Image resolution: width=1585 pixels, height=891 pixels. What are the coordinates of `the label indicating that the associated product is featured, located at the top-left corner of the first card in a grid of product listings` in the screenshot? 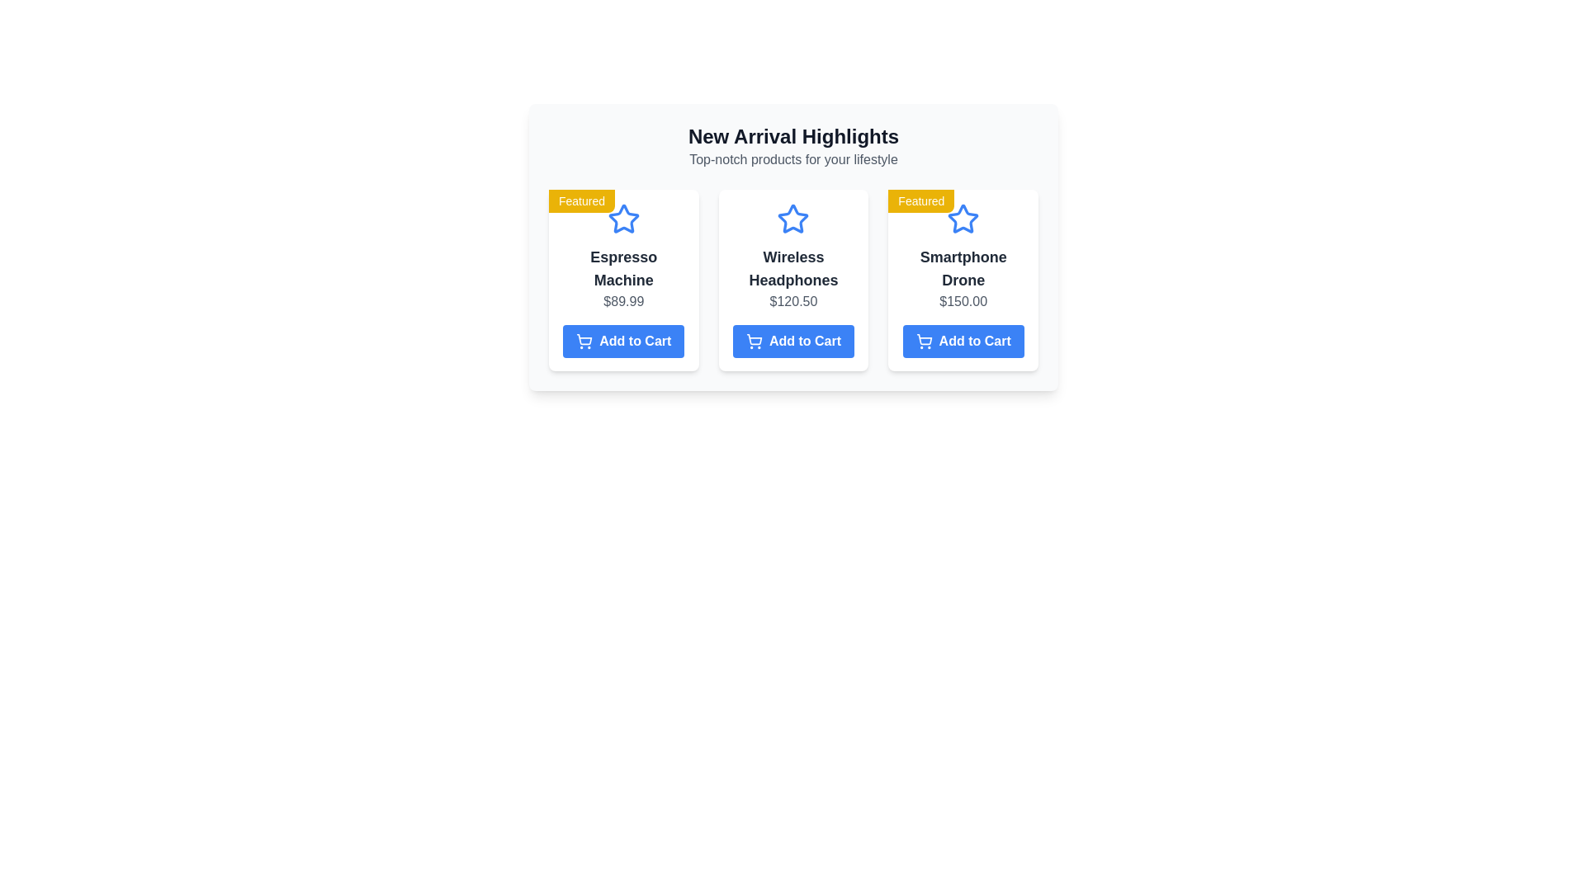 It's located at (582, 200).